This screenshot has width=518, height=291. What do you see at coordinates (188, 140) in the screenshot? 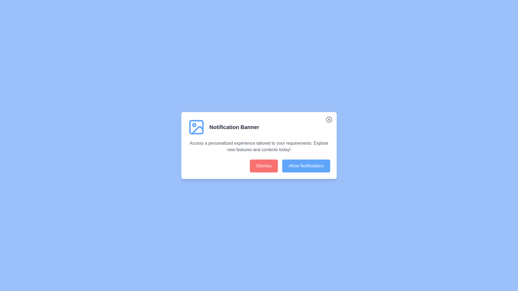
I see `the text content of the banner` at bounding box center [188, 140].